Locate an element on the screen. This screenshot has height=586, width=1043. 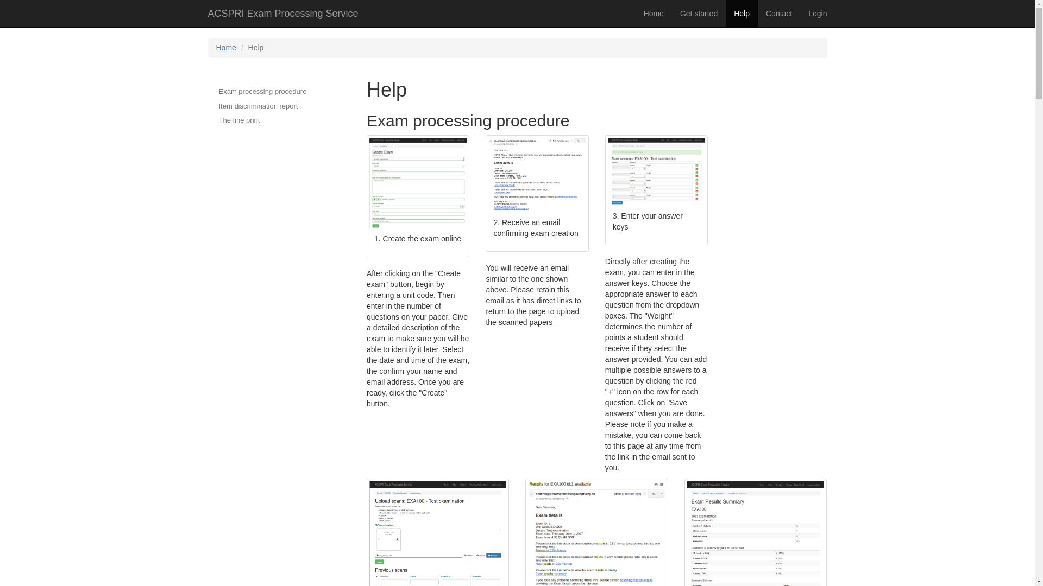
'2. Receive an email confirming exam creation' is located at coordinates (537, 193).